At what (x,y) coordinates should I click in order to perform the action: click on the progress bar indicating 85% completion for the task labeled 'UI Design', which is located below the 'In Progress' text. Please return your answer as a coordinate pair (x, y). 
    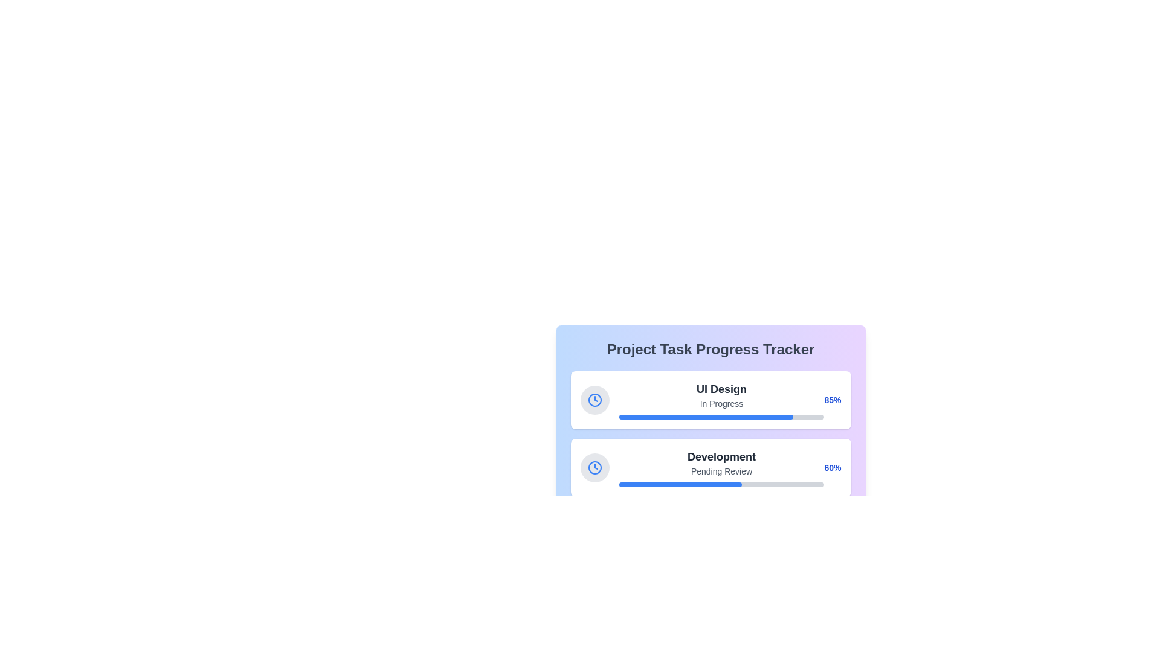
    Looking at the image, I should click on (721, 416).